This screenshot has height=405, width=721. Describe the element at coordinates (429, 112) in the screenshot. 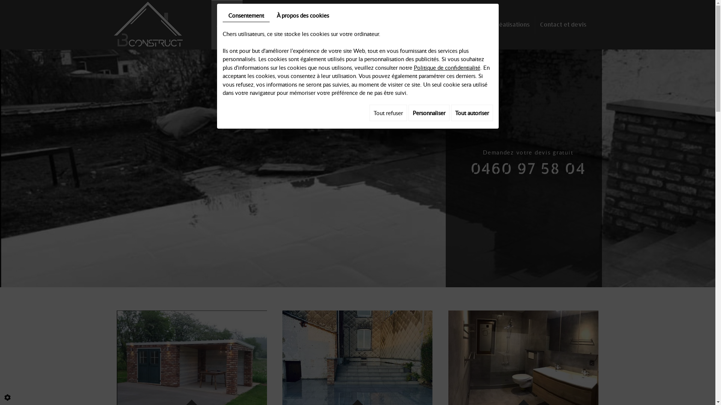

I see `'Personnaliser'` at that location.